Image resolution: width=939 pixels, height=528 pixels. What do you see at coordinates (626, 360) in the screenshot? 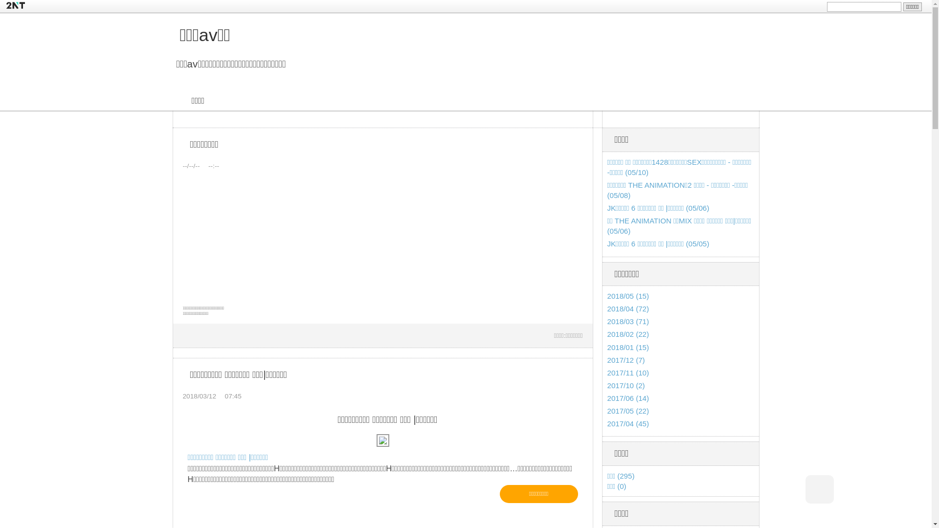
I see `'2017/12 (7)'` at bounding box center [626, 360].